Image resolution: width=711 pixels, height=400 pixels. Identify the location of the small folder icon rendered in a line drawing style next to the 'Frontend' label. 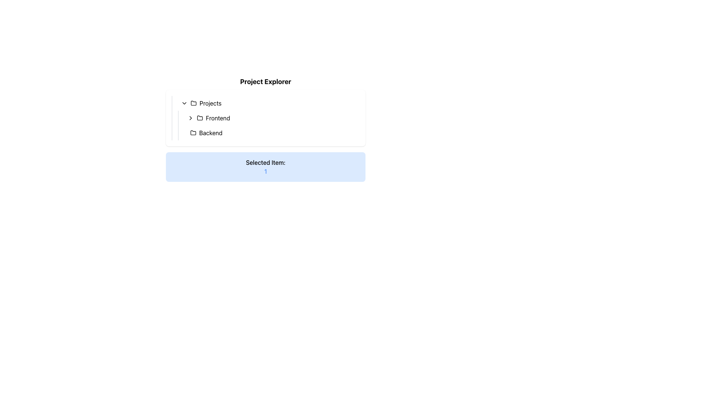
(200, 118).